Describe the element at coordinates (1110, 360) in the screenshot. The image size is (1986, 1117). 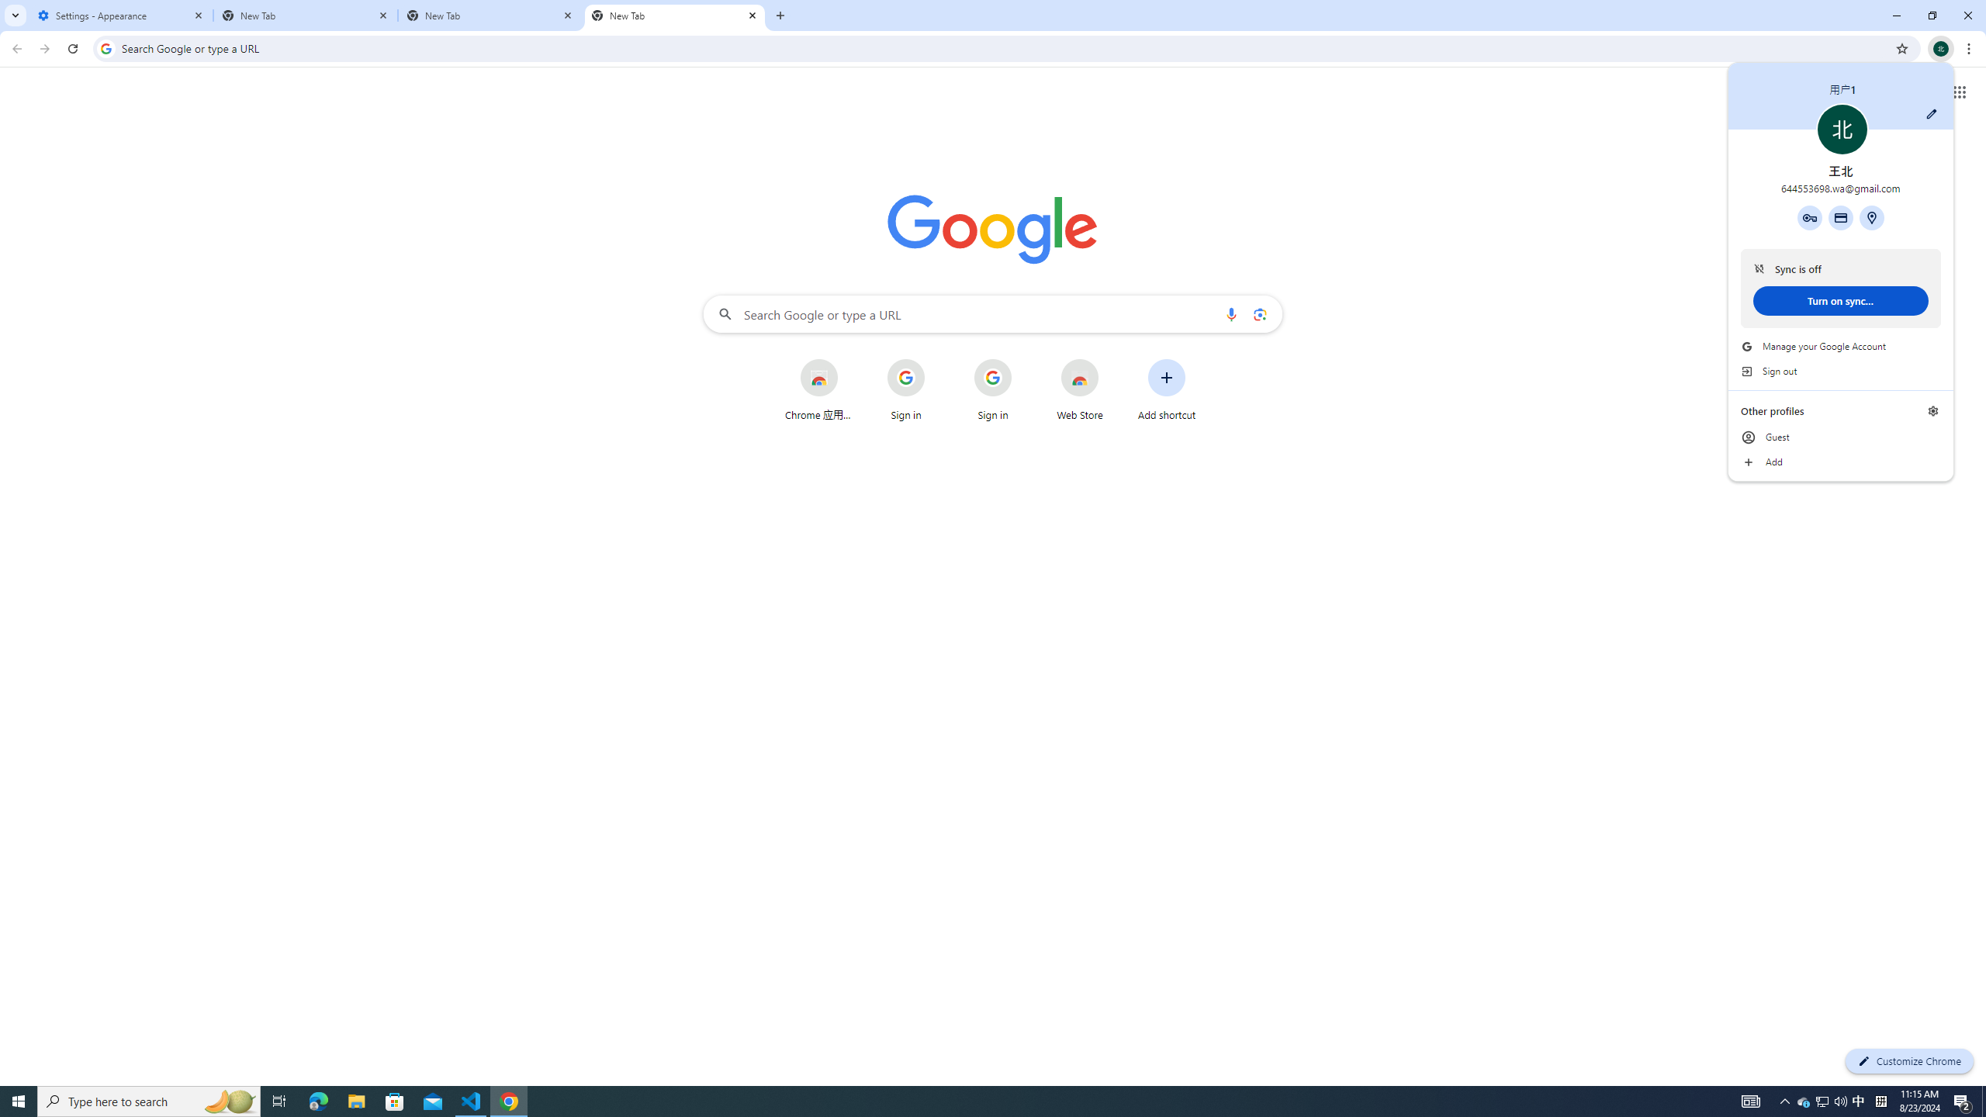
I see `'More actions for Sign in shortcut'` at that location.